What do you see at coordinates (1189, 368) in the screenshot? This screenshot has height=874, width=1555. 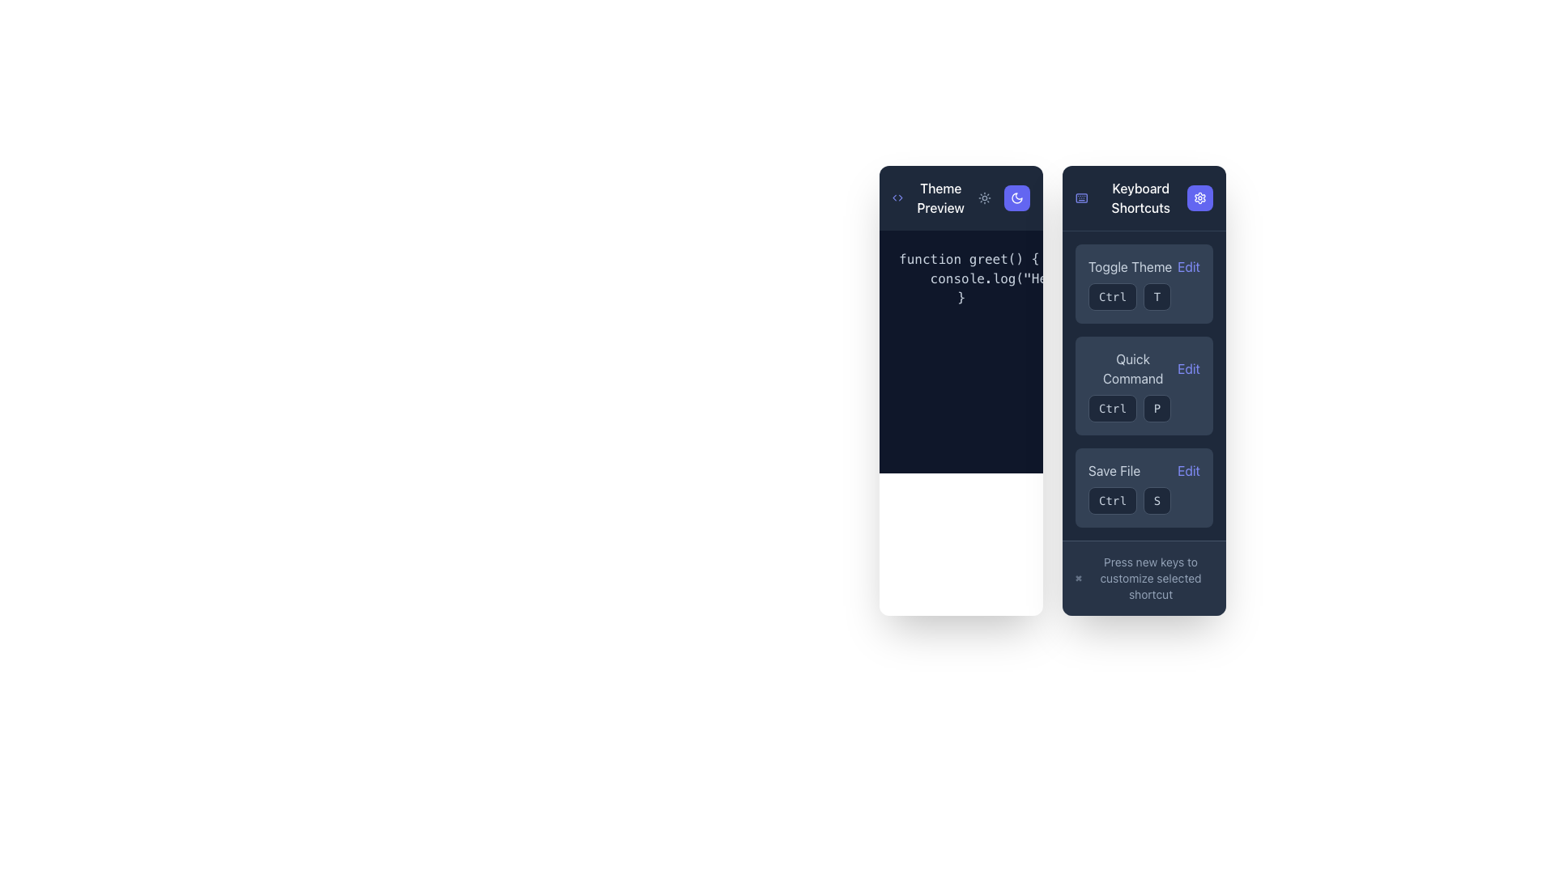 I see `the second 'Edit' button in the 'Keyboard Shortcuts' section` at bounding box center [1189, 368].